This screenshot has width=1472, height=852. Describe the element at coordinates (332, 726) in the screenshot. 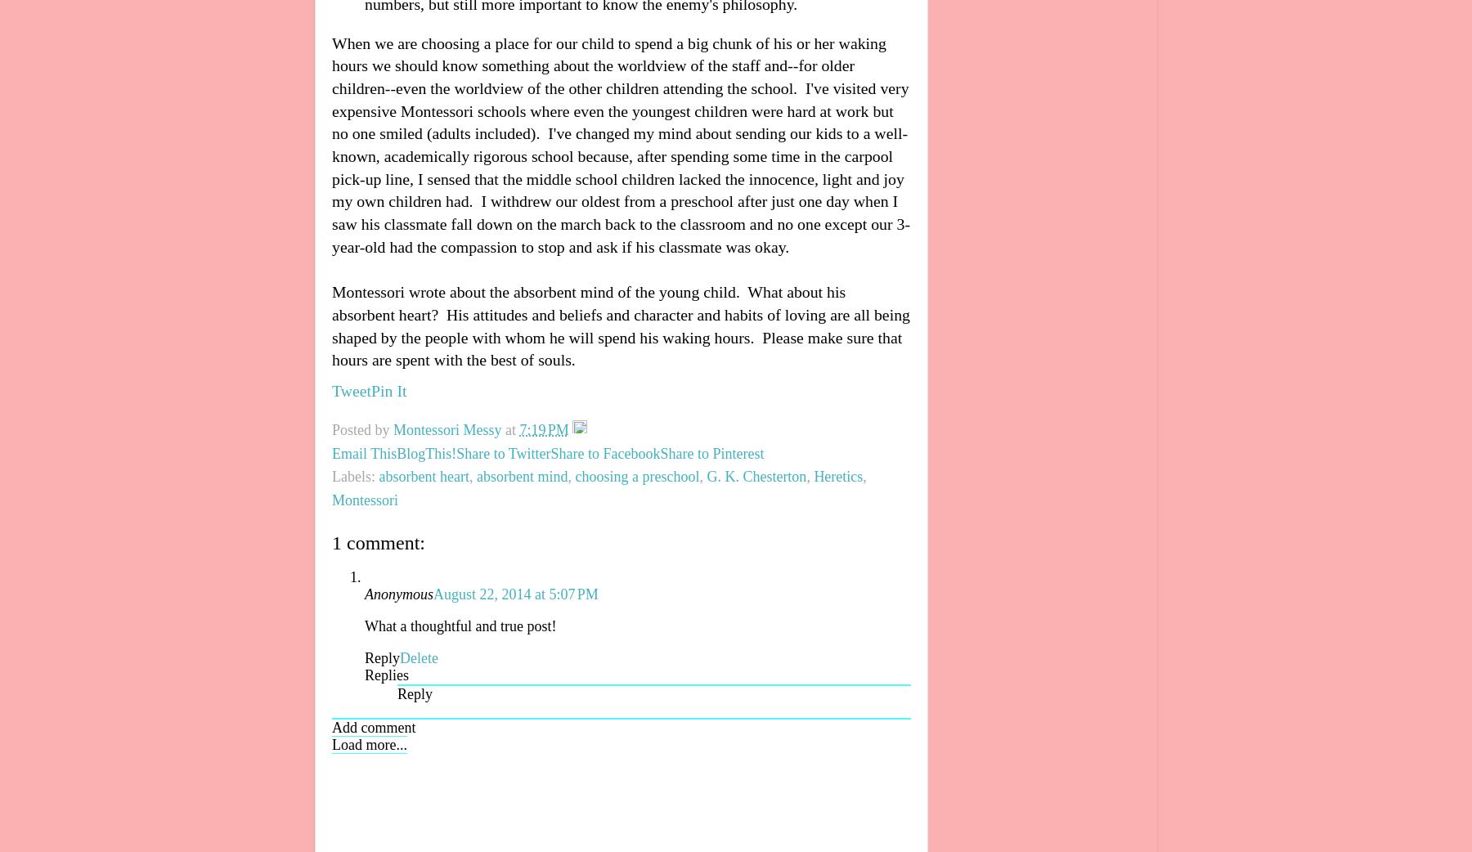

I see `'Add comment'` at that location.